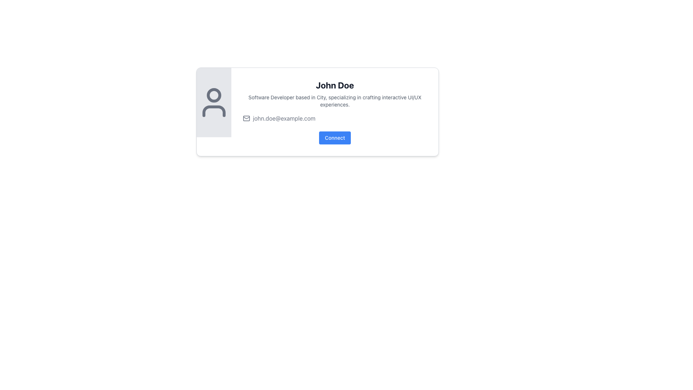  Describe the element at coordinates (246, 118) in the screenshot. I see `the email icon located beneath the name 'John Doe' and the email text 'john.doe@example.com'` at that location.